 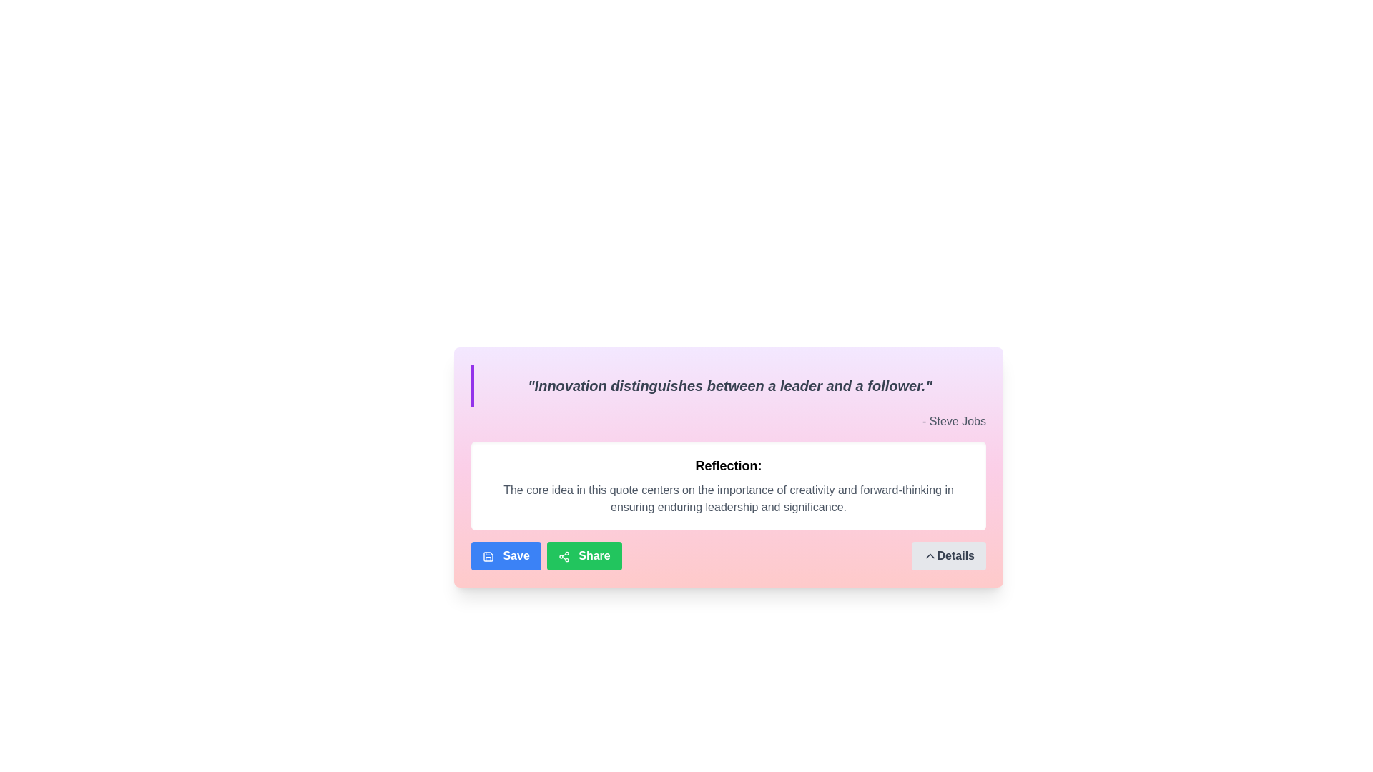 I want to click on the icon resembling three interconnected circles, which is positioned to the left of the green 'Share' button, serving as a visual anchor for the button's functionality, so click(x=563, y=555).